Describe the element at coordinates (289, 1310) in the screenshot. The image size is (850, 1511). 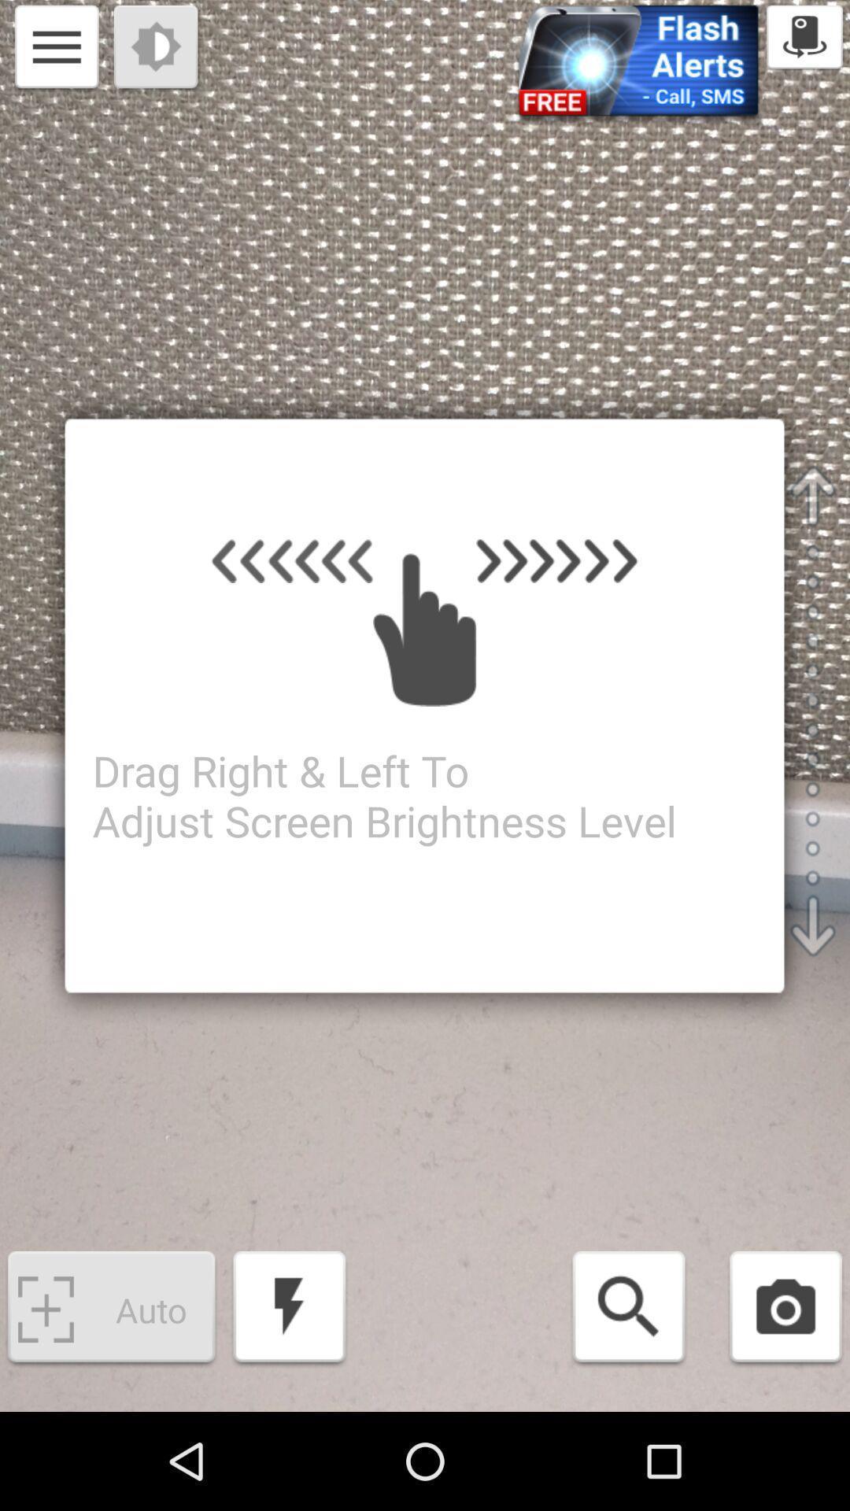
I see `icon to the right of the auto icon` at that location.